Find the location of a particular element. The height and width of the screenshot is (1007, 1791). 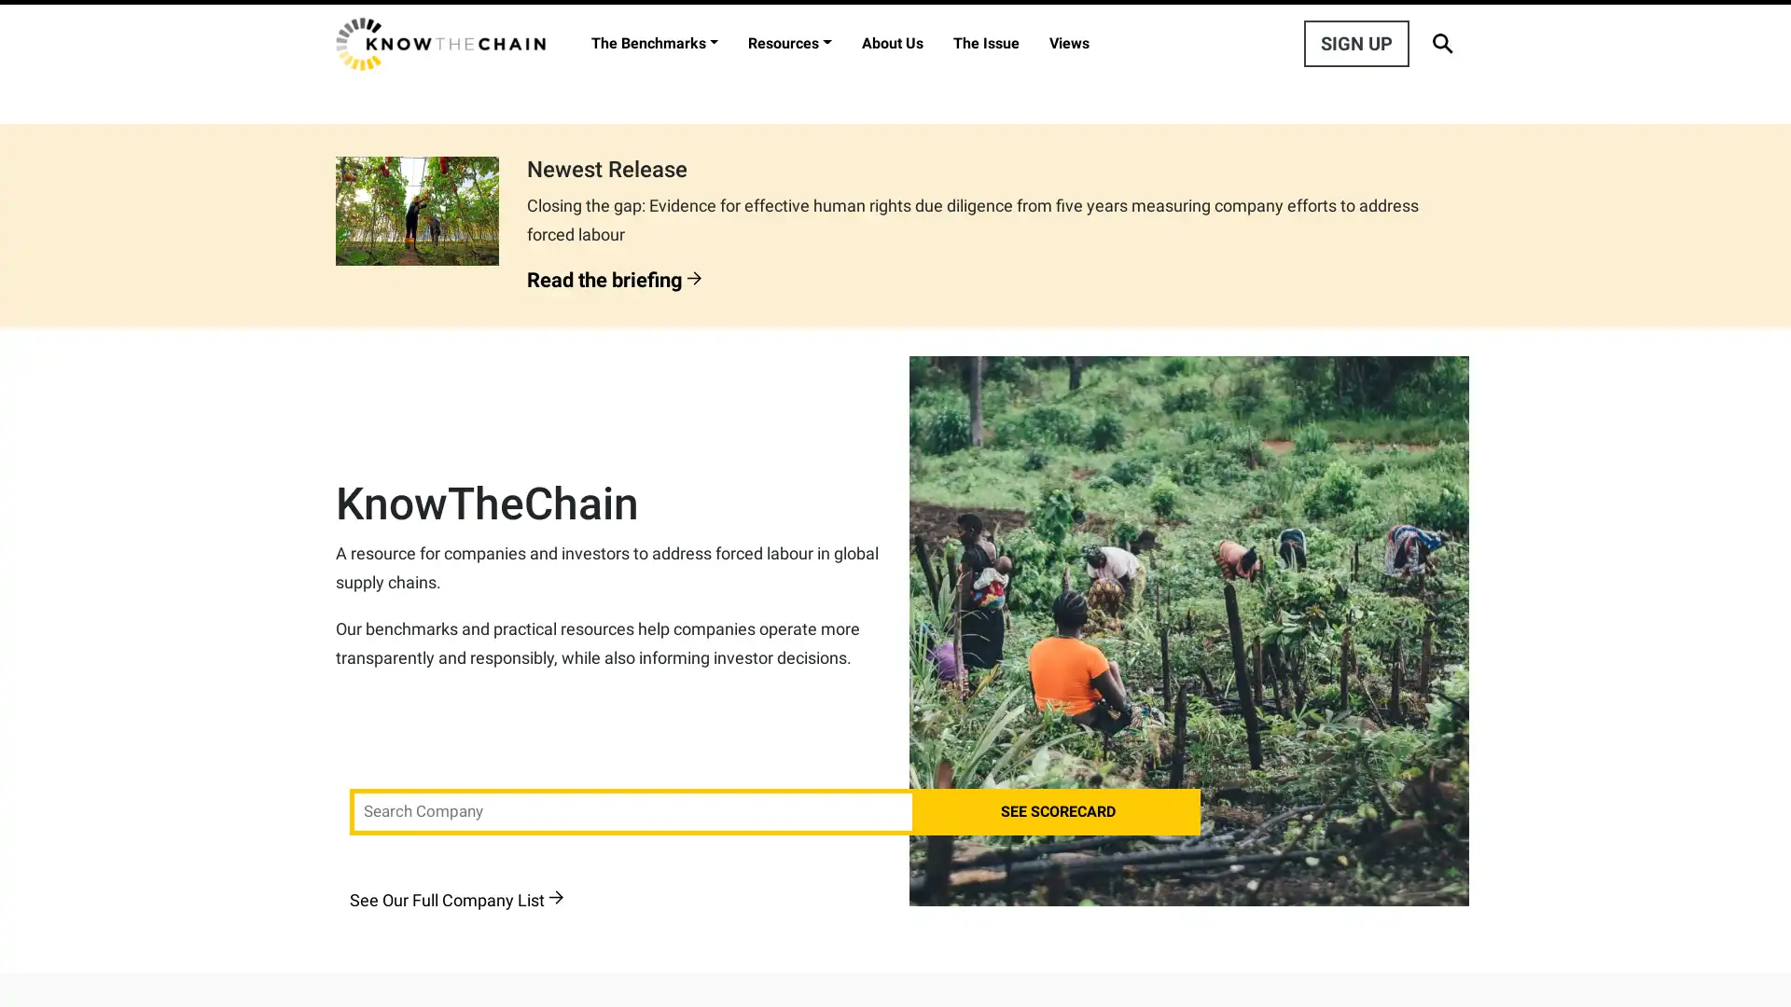

SEE SCORECARD is located at coordinates (1058, 811).